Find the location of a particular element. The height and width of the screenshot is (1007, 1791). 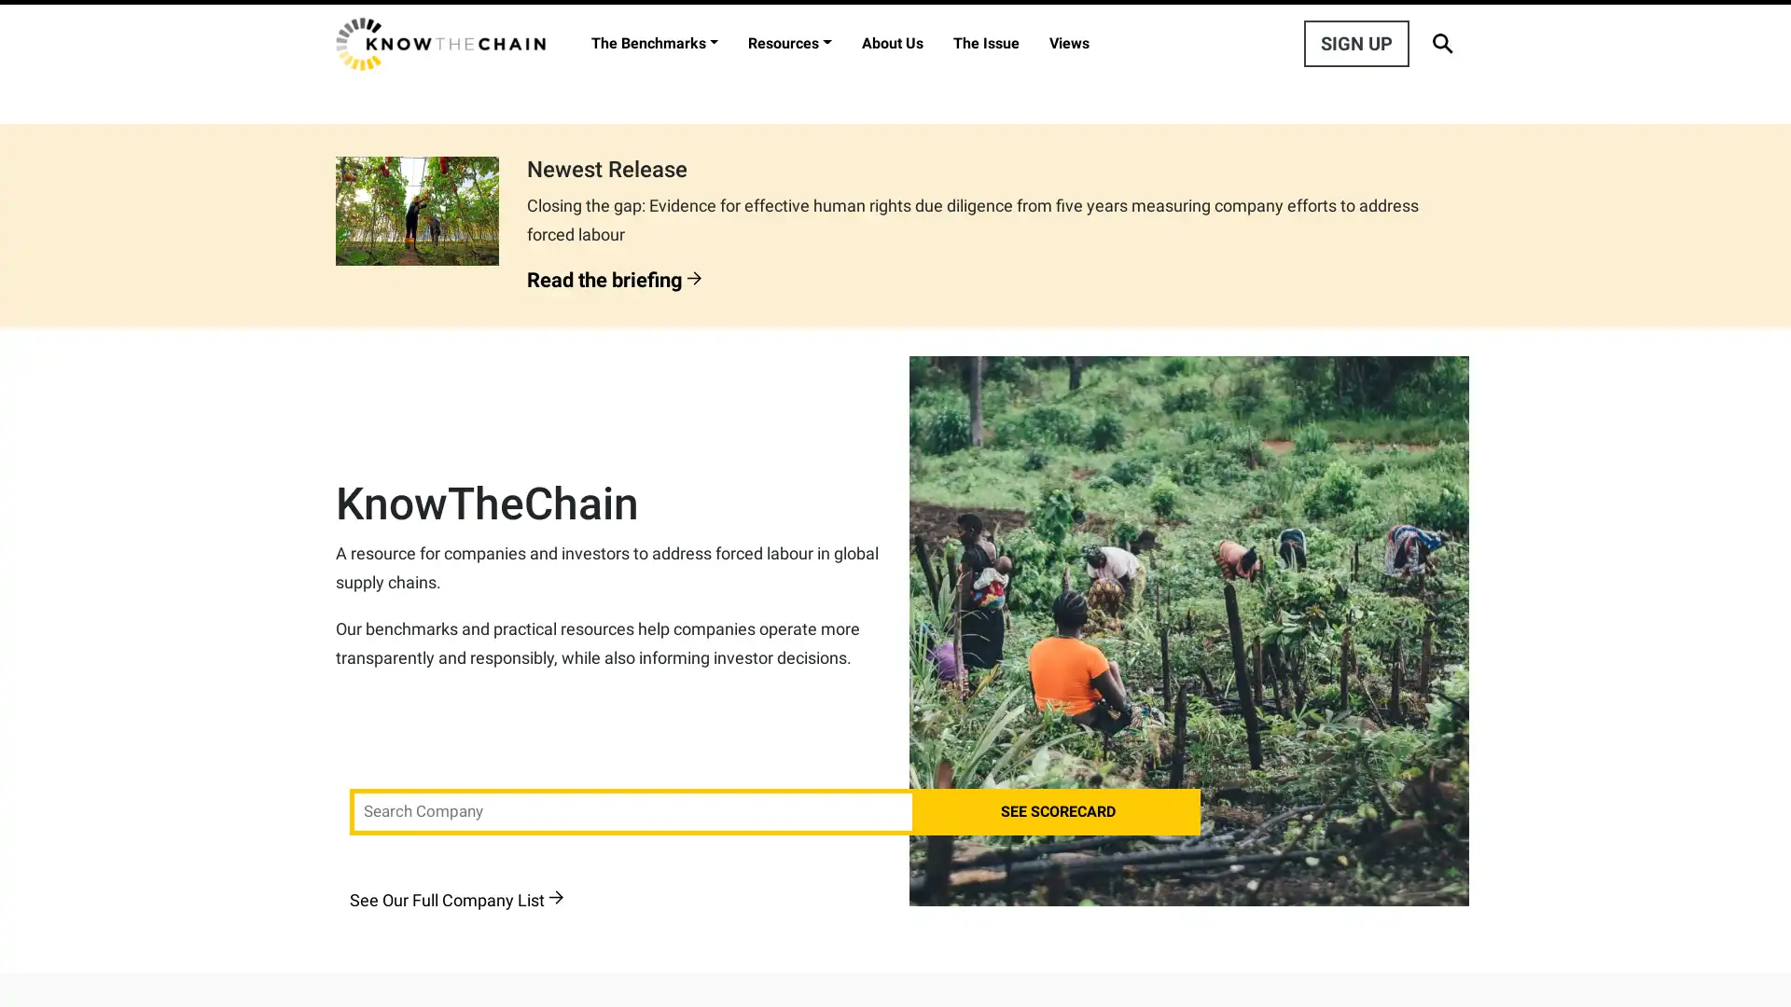

SEE SCORECARD is located at coordinates (1058, 811).